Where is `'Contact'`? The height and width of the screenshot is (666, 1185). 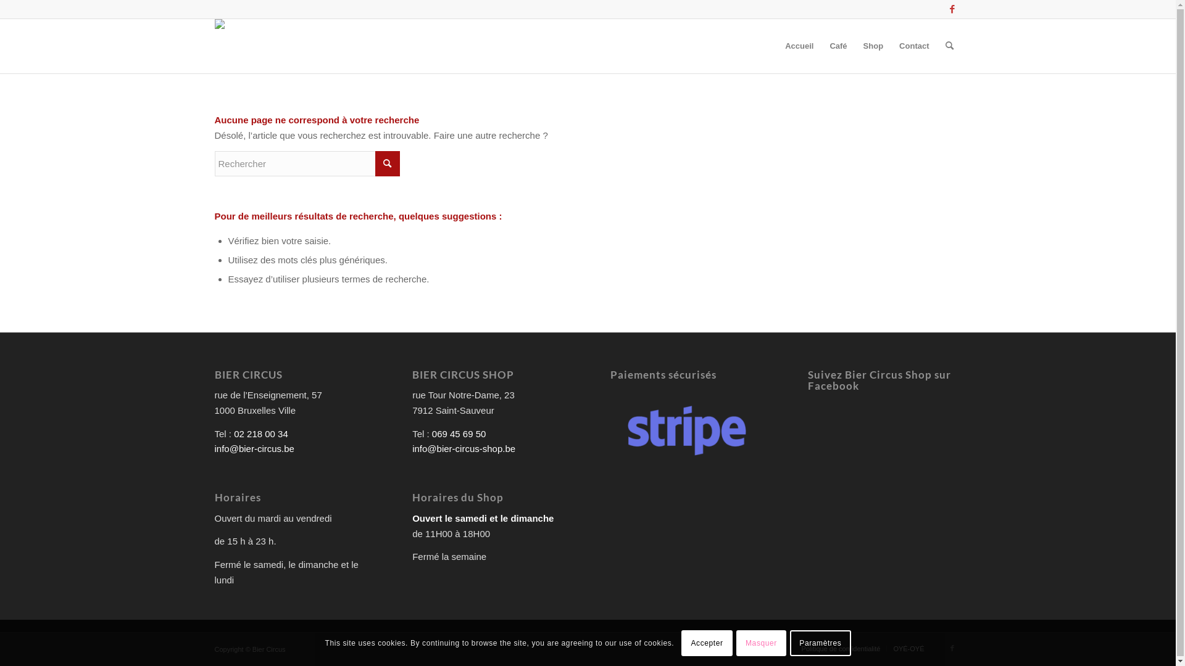 'Contact' is located at coordinates (914, 45).